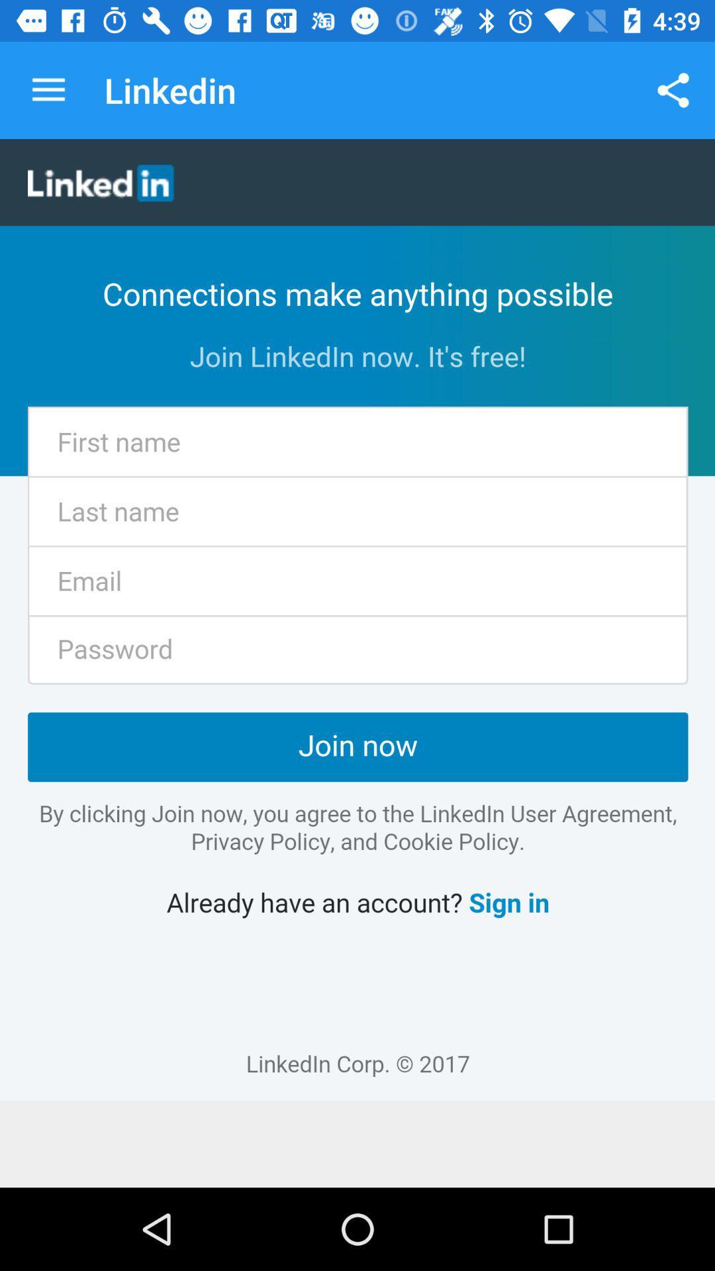  I want to click on sign up info, so click(358, 619).